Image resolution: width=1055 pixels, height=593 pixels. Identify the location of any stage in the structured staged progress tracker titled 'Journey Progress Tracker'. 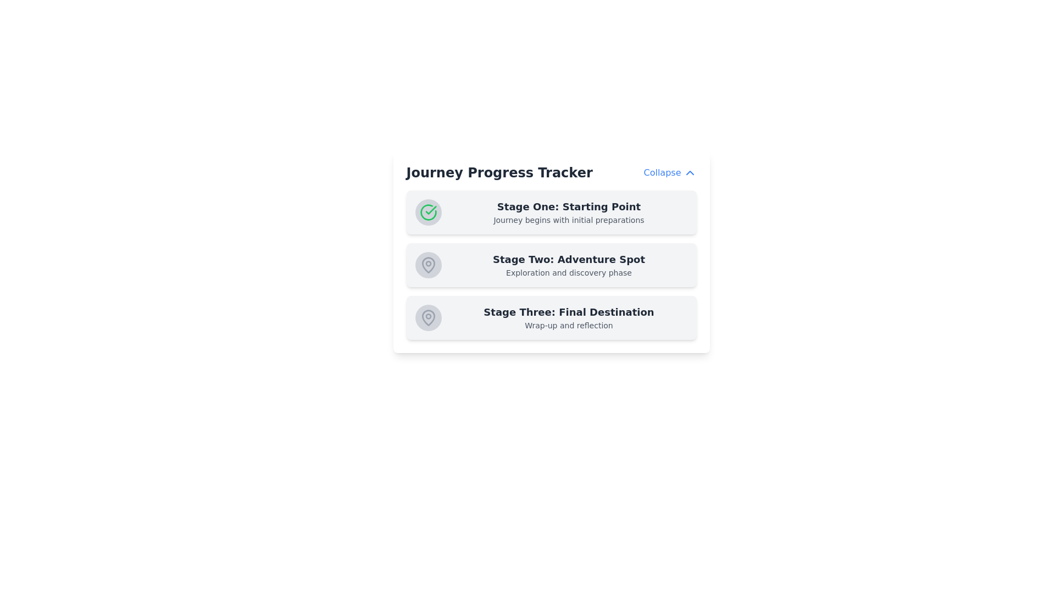
(551, 265).